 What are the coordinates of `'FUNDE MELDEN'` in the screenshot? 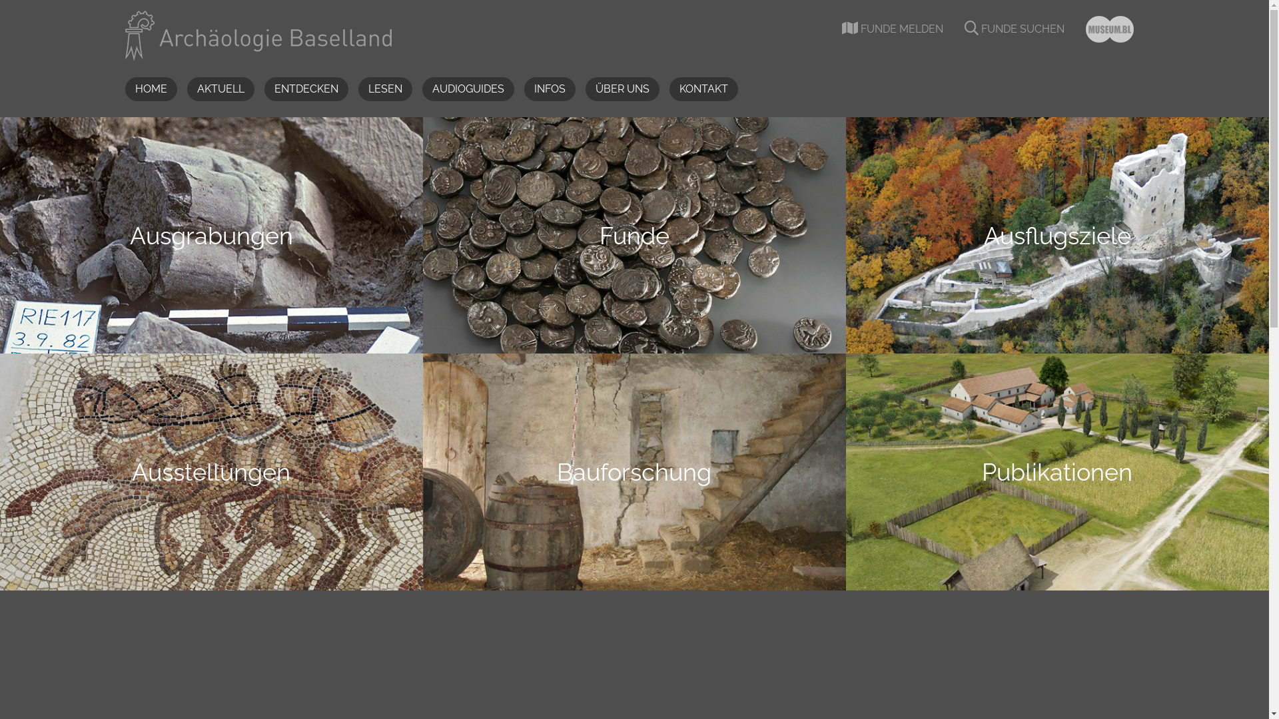 It's located at (892, 29).